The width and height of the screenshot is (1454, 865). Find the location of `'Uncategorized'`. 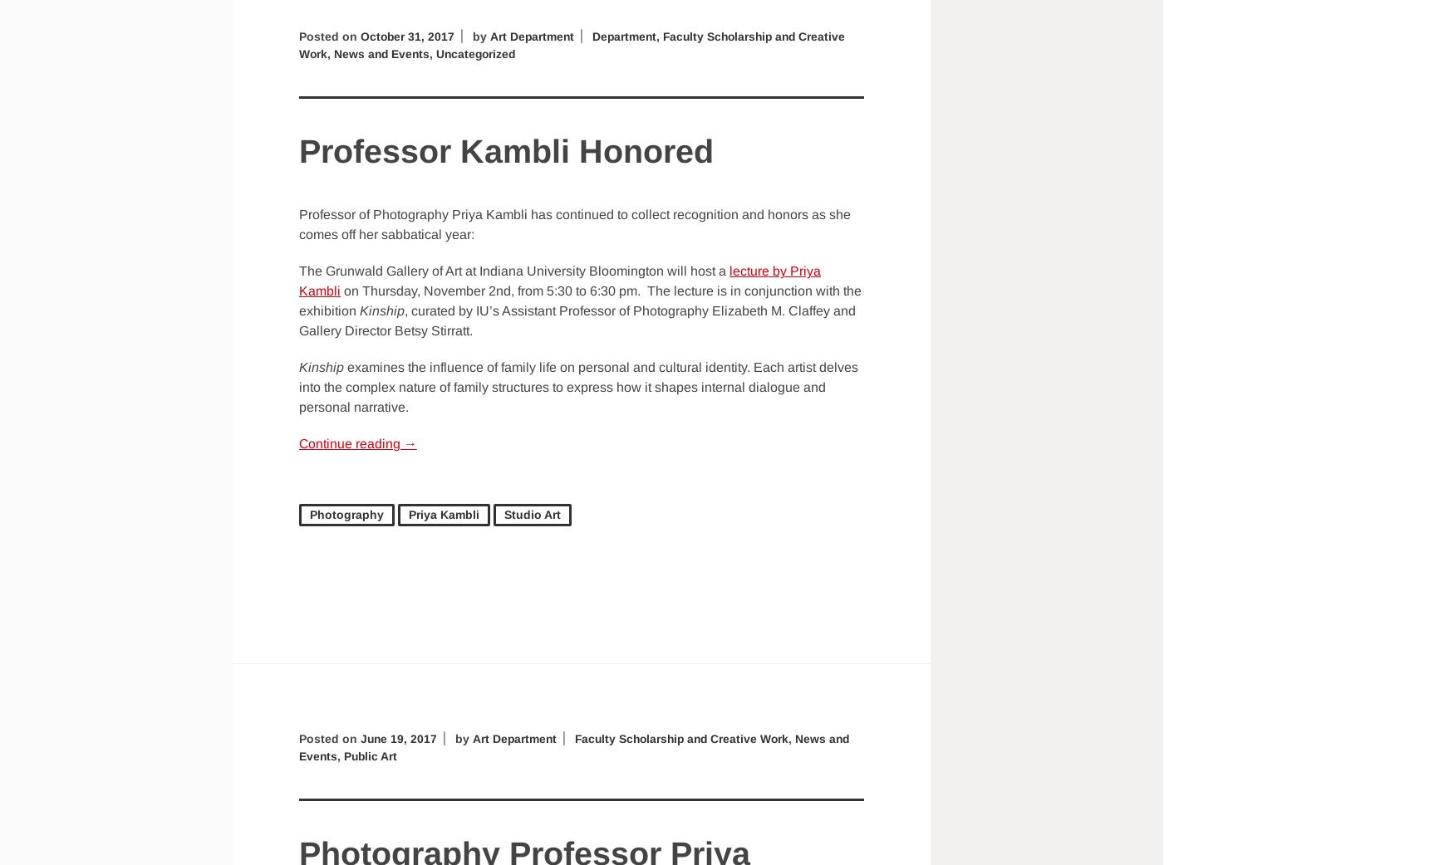

'Uncategorized' is located at coordinates (480, 53).